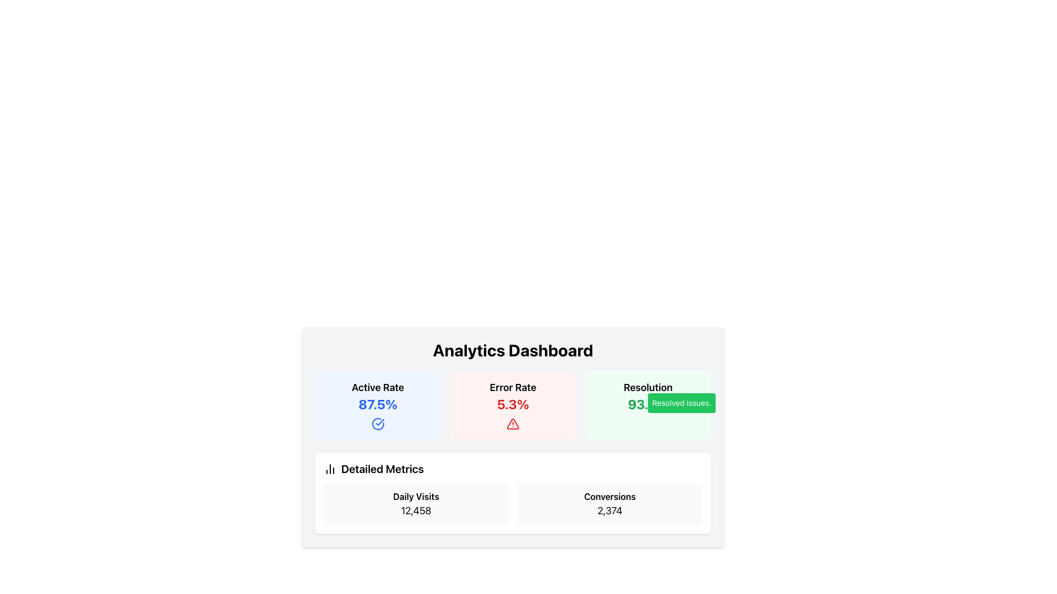  Describe the element at coordinates (415, 511) in the screenshot. I see `the text label that displays the number of daily visits, located below the 'Daily Visits' text in the 'Detailed Metrics' panel card` at that location.